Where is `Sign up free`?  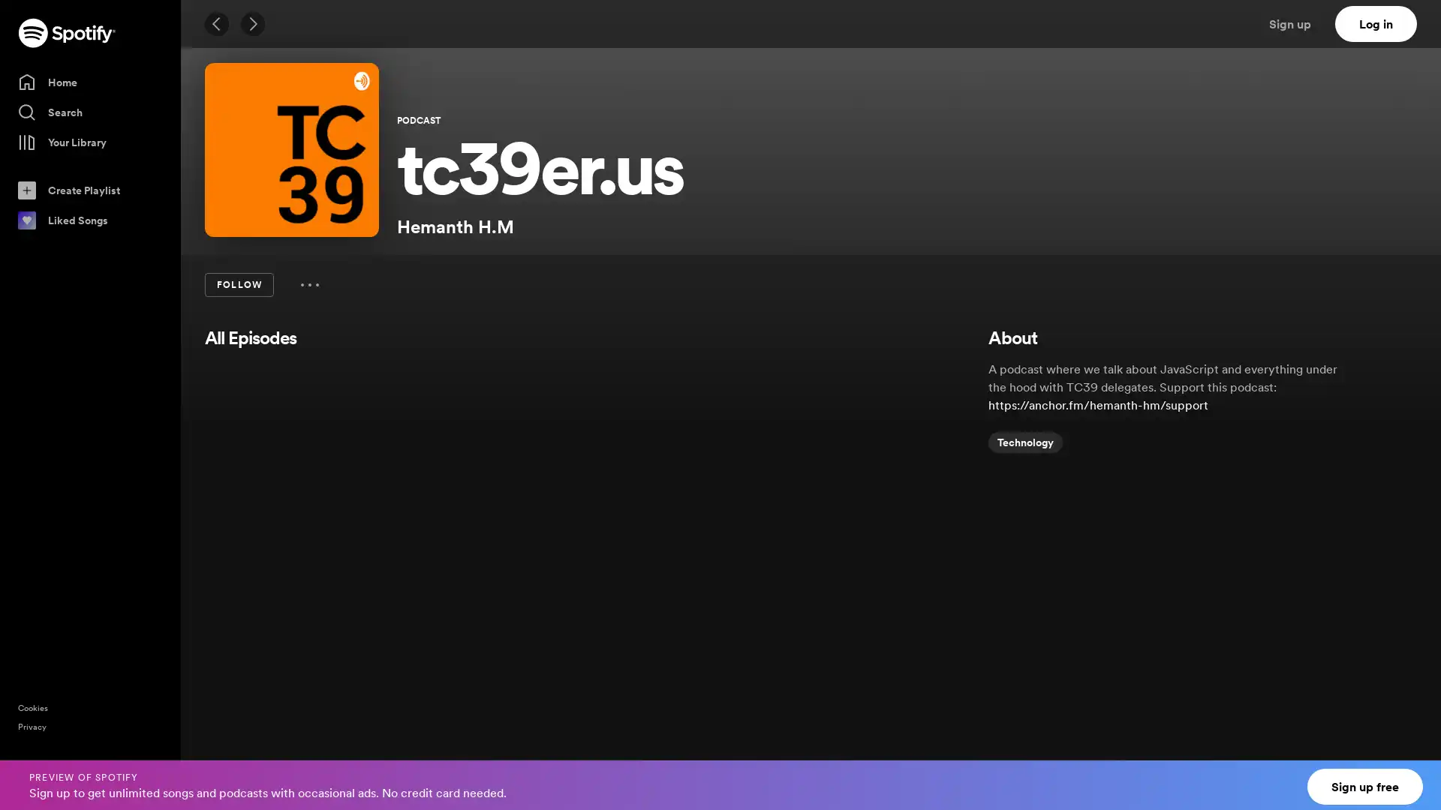
Sign up free is located at coordinates (1365, 786).